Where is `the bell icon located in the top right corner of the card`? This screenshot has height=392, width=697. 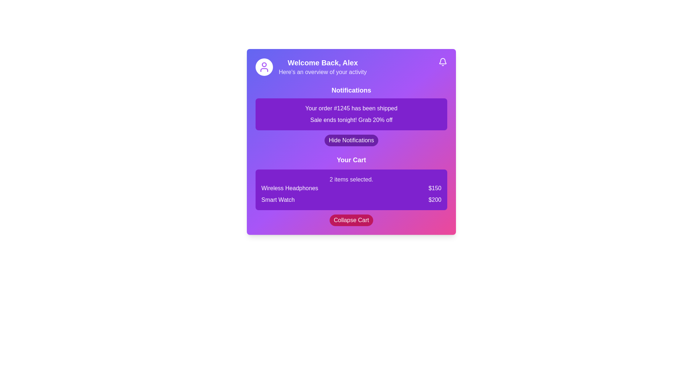
the bell icon located in the top right corner of the card is located at coordinates (442, 61).